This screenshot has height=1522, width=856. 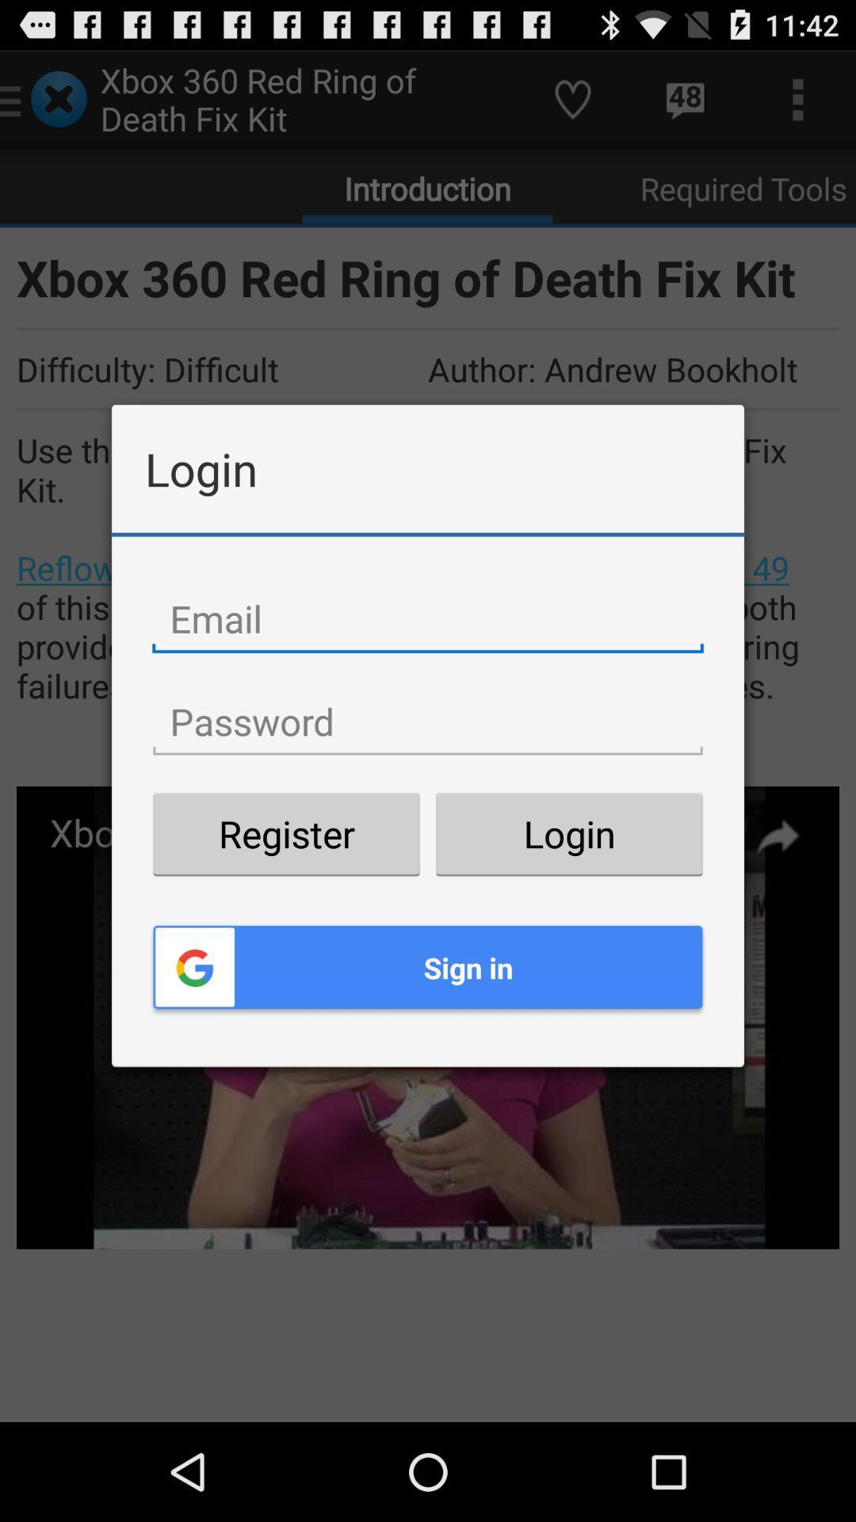 What do you see at coordinates (286, 833) in the screenshot?
I see `item above the sign in` at bounding box center [286, 833].